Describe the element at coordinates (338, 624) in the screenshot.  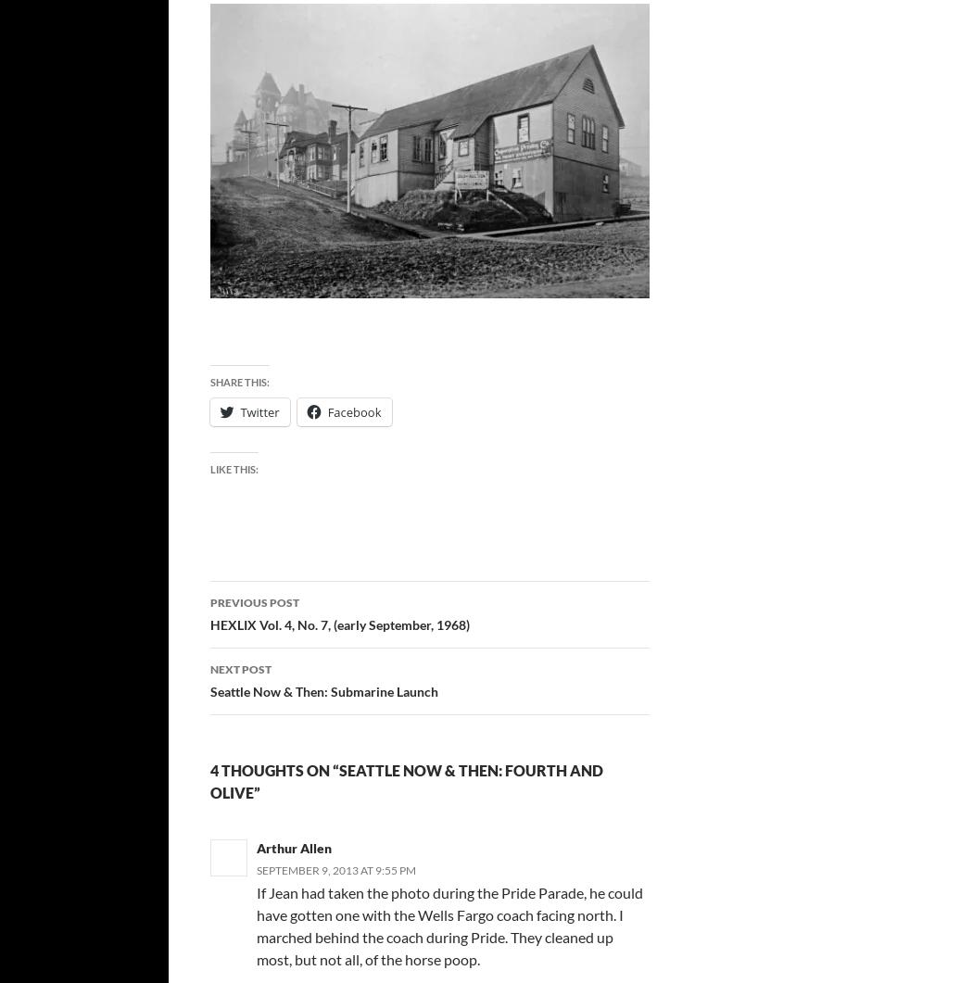
I see `'HEXLIX Vol. 4, No. 7, (early September, 1968)'` at that location.